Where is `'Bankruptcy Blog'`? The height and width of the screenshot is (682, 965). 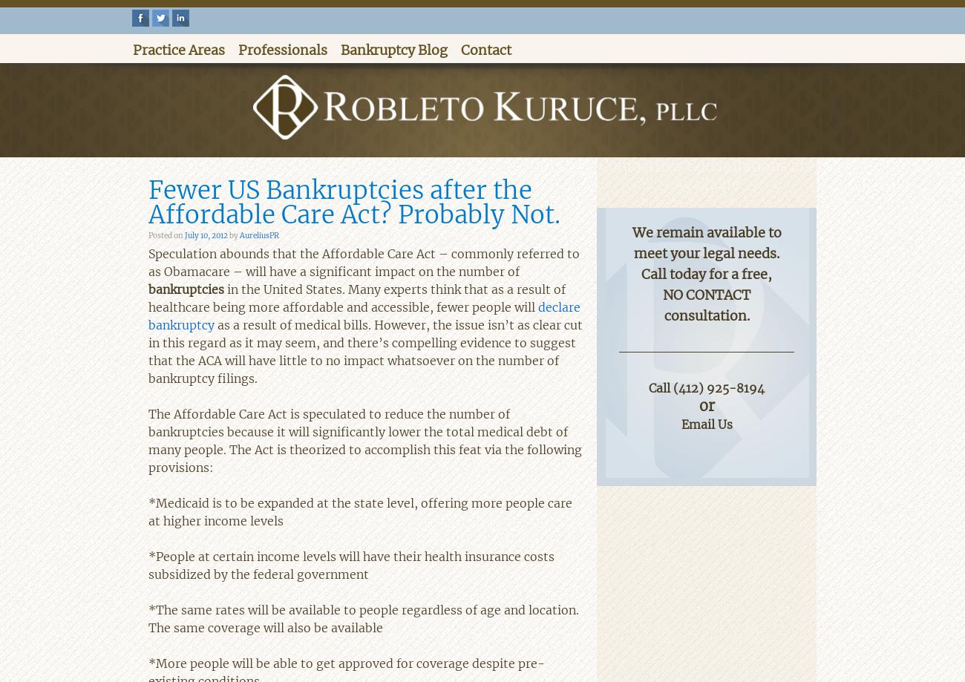 'Bankruptcy Blog' is located at coordinates (394, 50).